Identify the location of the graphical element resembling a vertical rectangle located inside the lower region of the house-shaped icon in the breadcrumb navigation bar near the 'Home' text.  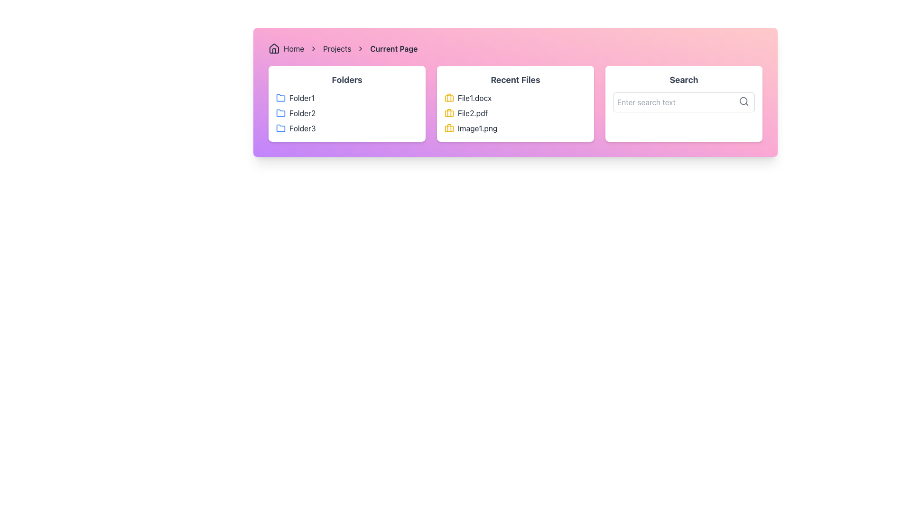
(273, 51).